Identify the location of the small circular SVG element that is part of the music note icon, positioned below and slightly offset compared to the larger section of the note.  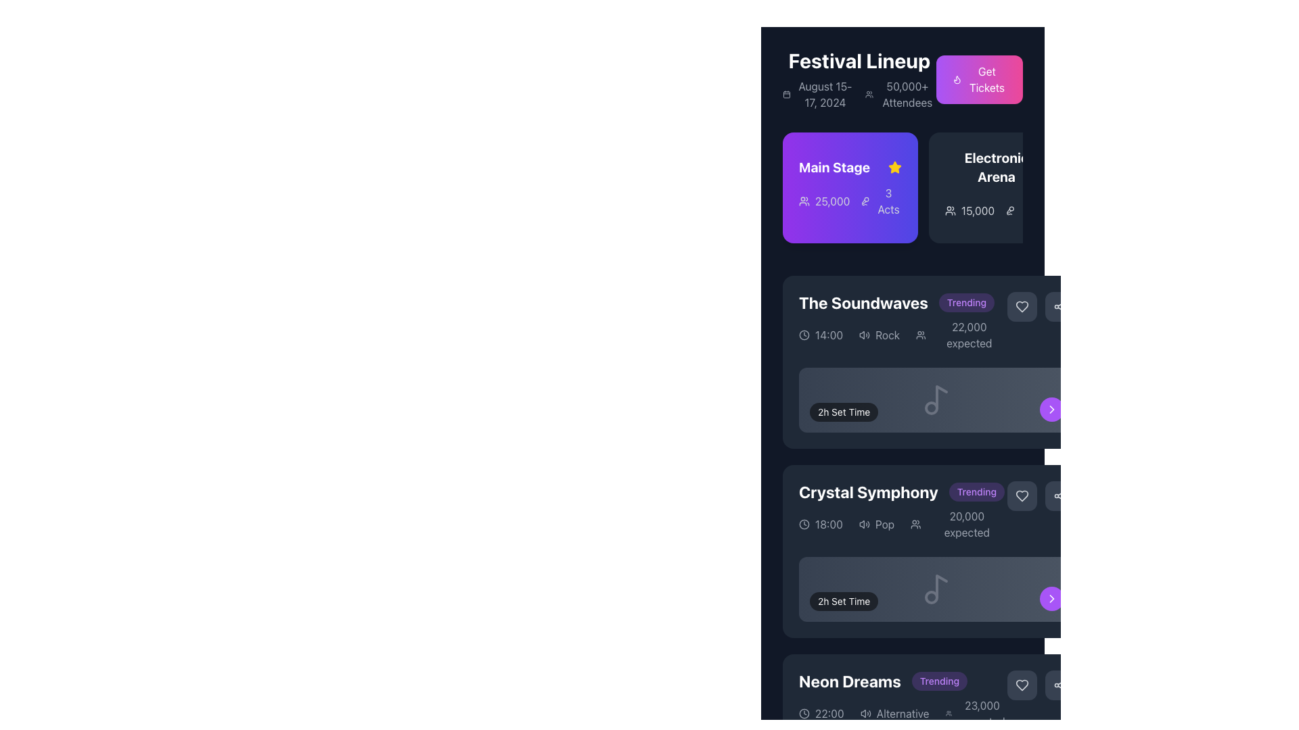
(931, 408).